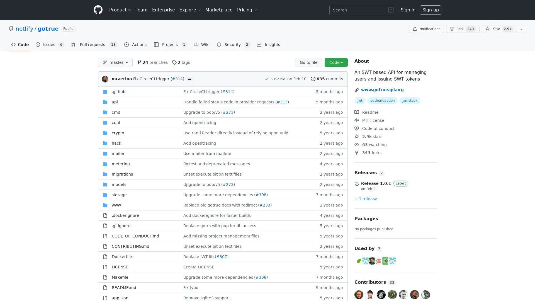 This screenshot has height=301, width=535. What do you see at coordinates (521, 29) in the screenshot?
I see `You must be signed in to add this repository to a list` at bounding box center [521, 29].